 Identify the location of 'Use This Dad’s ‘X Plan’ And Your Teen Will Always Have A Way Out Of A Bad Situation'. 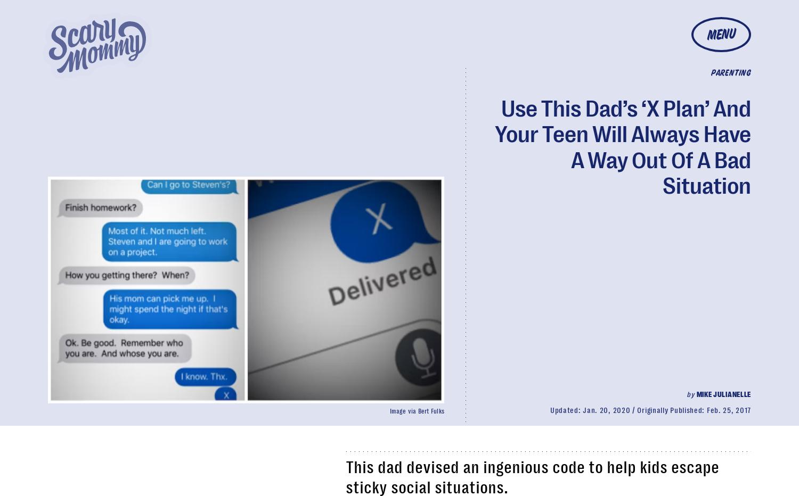
(623, 146).